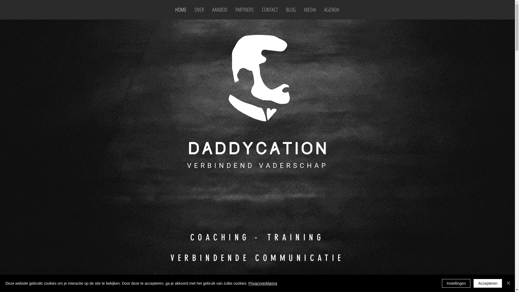 This screenshot has height=292, width=519. What do you see at coordinates (331, 9) in the screenshot?
I see `'AGENDA'` at bounding box center [331, 9].